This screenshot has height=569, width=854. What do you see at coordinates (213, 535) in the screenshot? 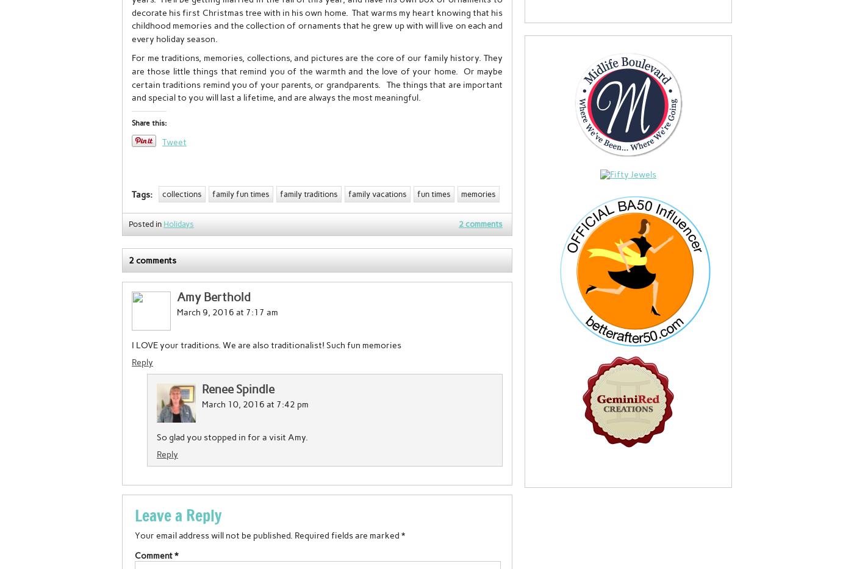
I see `'Your email address will not be published.'` at bounding box center [213, 535].